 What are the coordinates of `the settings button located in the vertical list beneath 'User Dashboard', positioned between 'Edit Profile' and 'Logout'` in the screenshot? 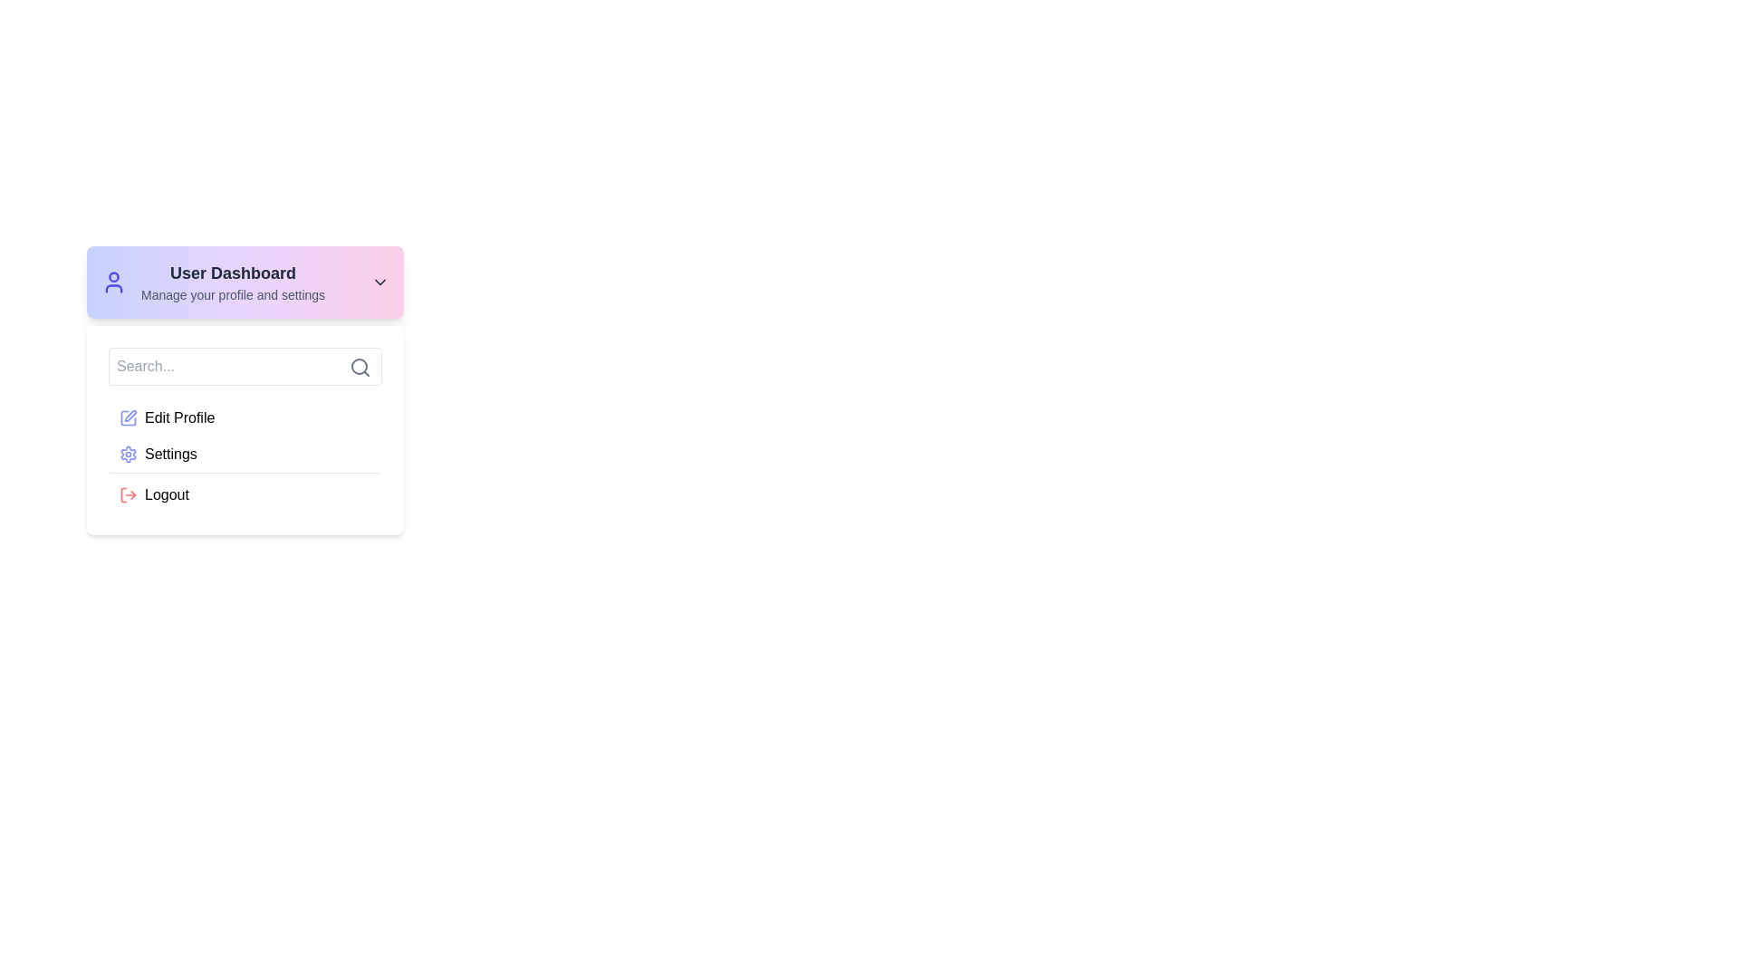 It's located at (244, 453).